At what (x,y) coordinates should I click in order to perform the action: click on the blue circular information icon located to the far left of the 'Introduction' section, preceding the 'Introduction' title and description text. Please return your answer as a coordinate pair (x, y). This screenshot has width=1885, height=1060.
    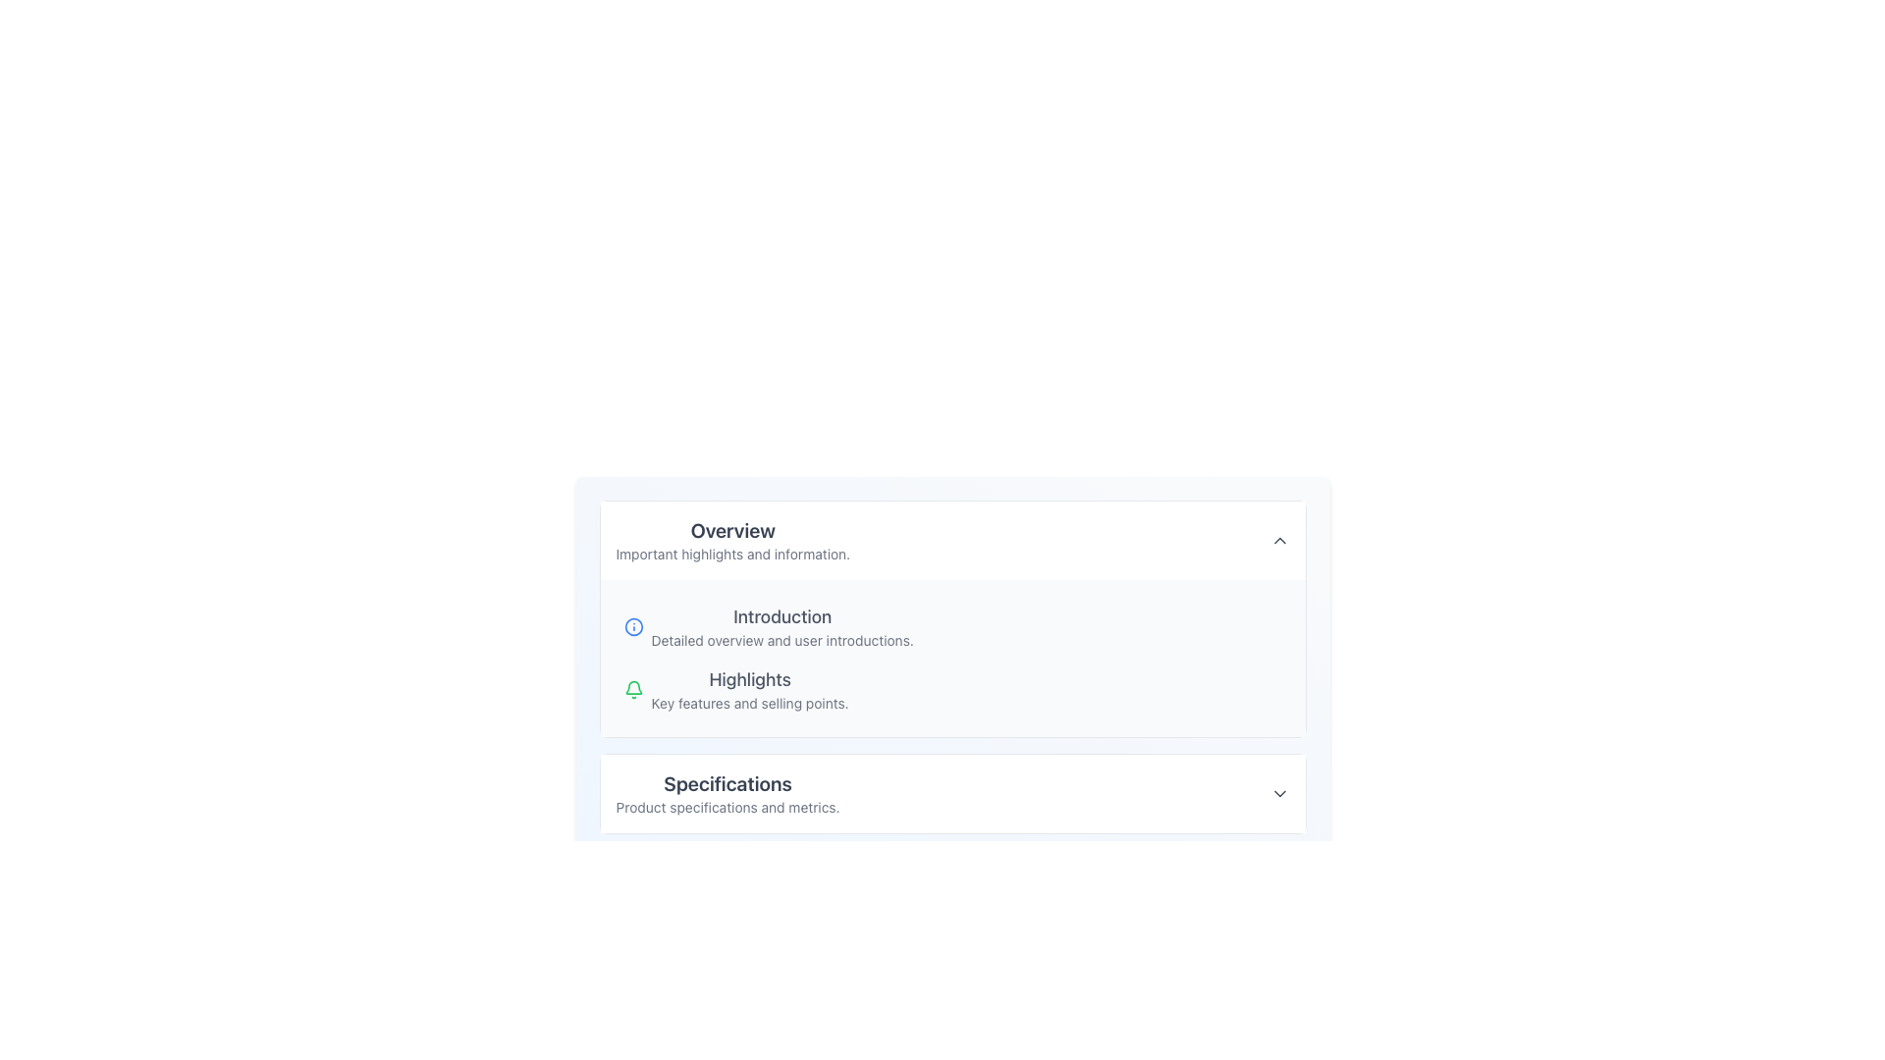
    Looking at the image, I should click on (633, 627).